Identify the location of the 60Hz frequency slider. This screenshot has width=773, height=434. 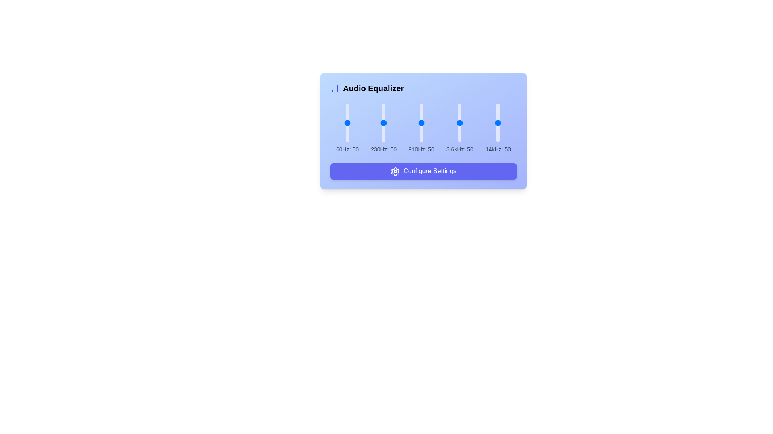
(347, 124).